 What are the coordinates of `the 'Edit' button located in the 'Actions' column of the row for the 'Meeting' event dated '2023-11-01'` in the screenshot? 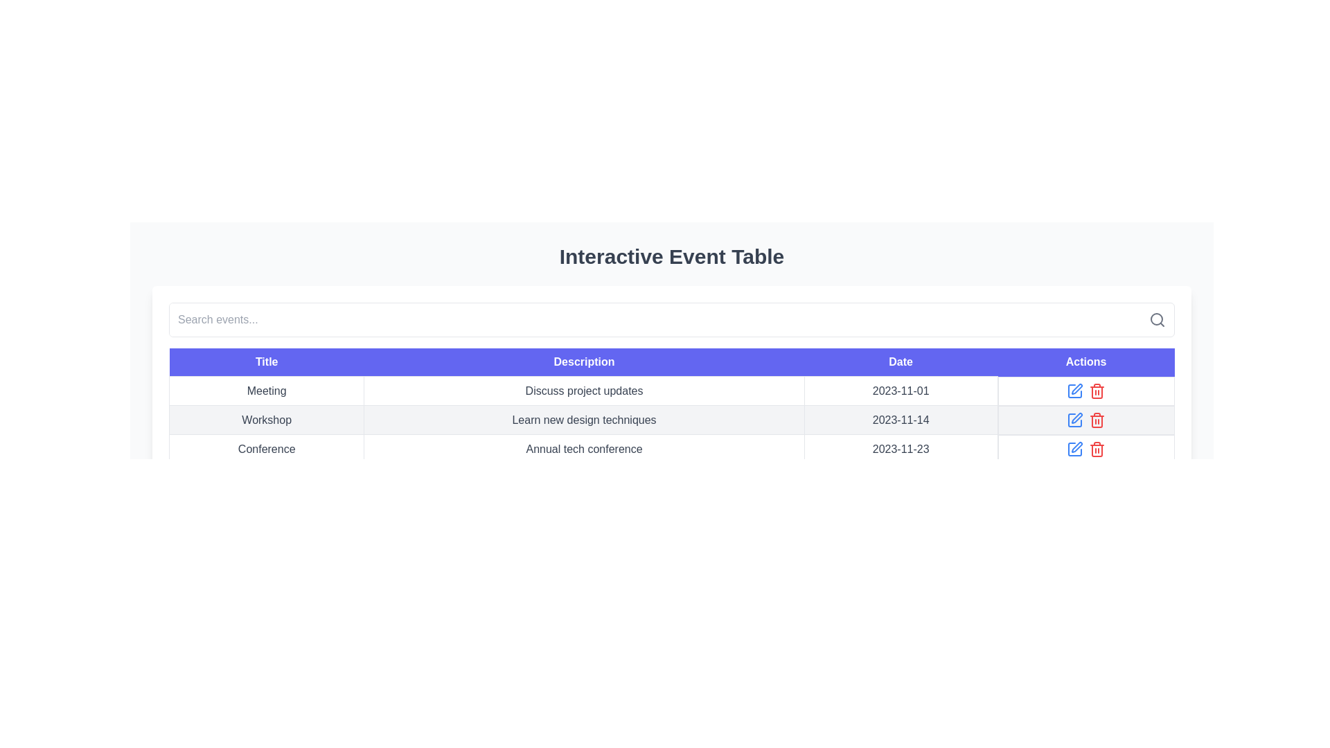 It's located at (1074, 391).